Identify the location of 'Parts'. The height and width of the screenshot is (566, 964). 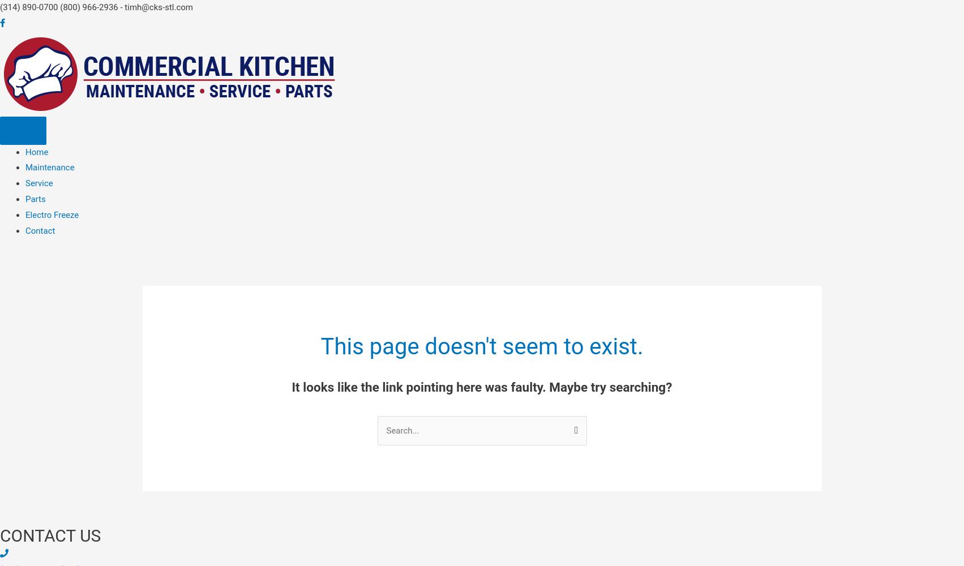
(35, 199).